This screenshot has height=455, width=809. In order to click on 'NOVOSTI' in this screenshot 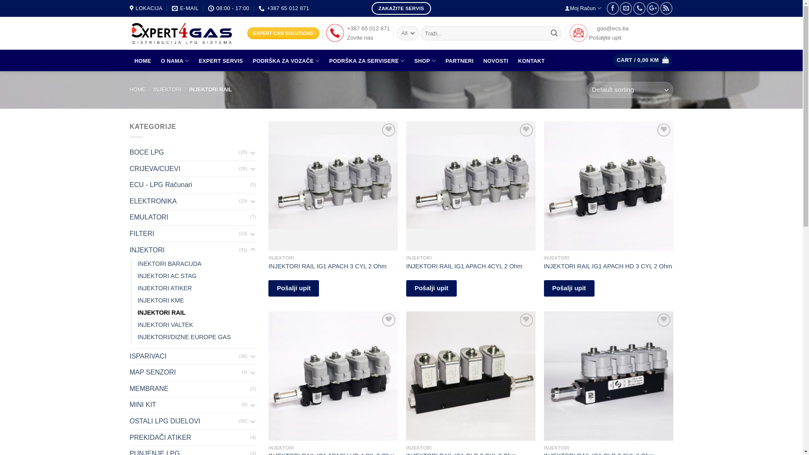, I will do `click(496, 61)`.